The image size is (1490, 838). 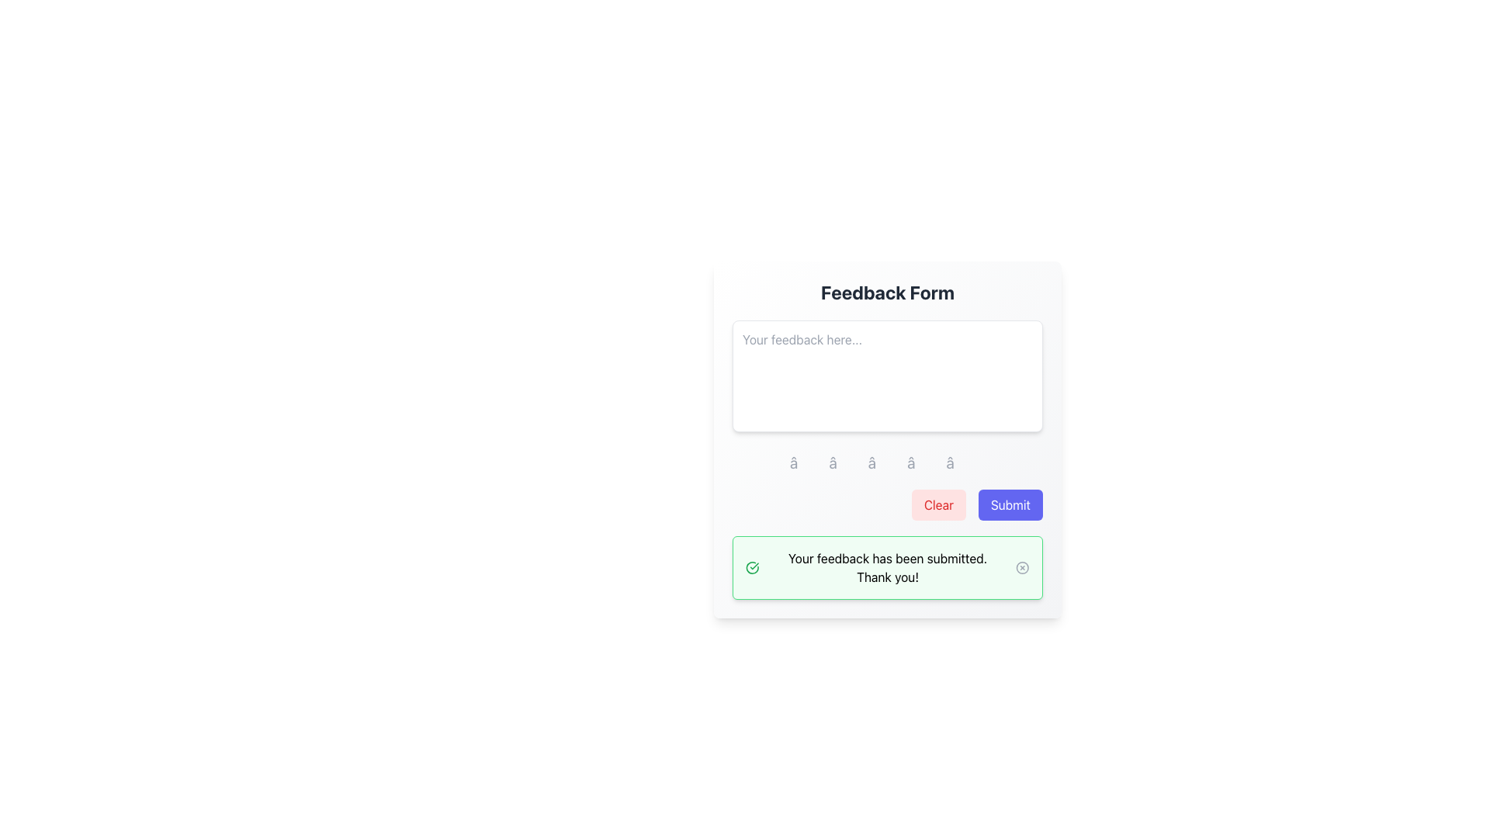 What do you see at coordinates (1010, 505) in the screenshot?
I see `the submit button located to the right of the 'Clear' button` at bounding box center [1010, 505].